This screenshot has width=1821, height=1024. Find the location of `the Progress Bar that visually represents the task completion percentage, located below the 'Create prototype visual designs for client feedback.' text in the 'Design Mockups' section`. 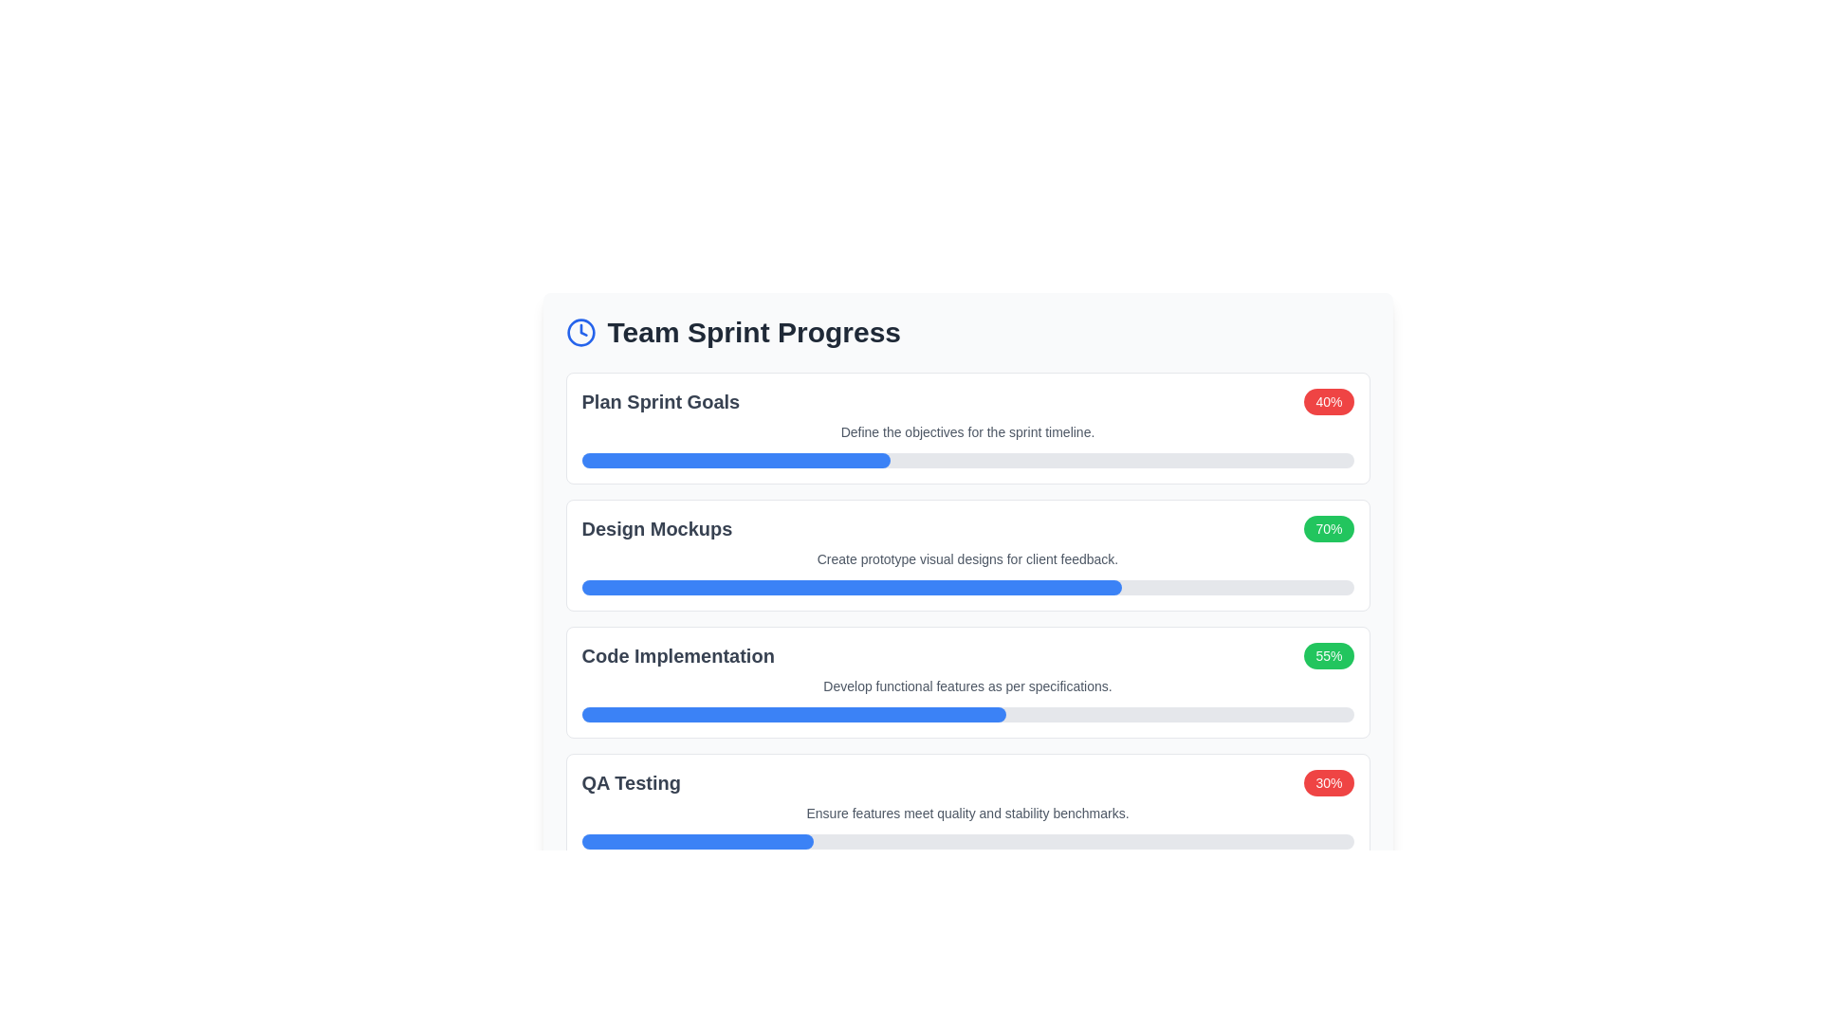

the Progress Bar that visually represents the task completion percentage, located below the 'Create prototype visual designs for client feedback.' text in the 'Design Mockups' section is located at coordinates (967, 587).